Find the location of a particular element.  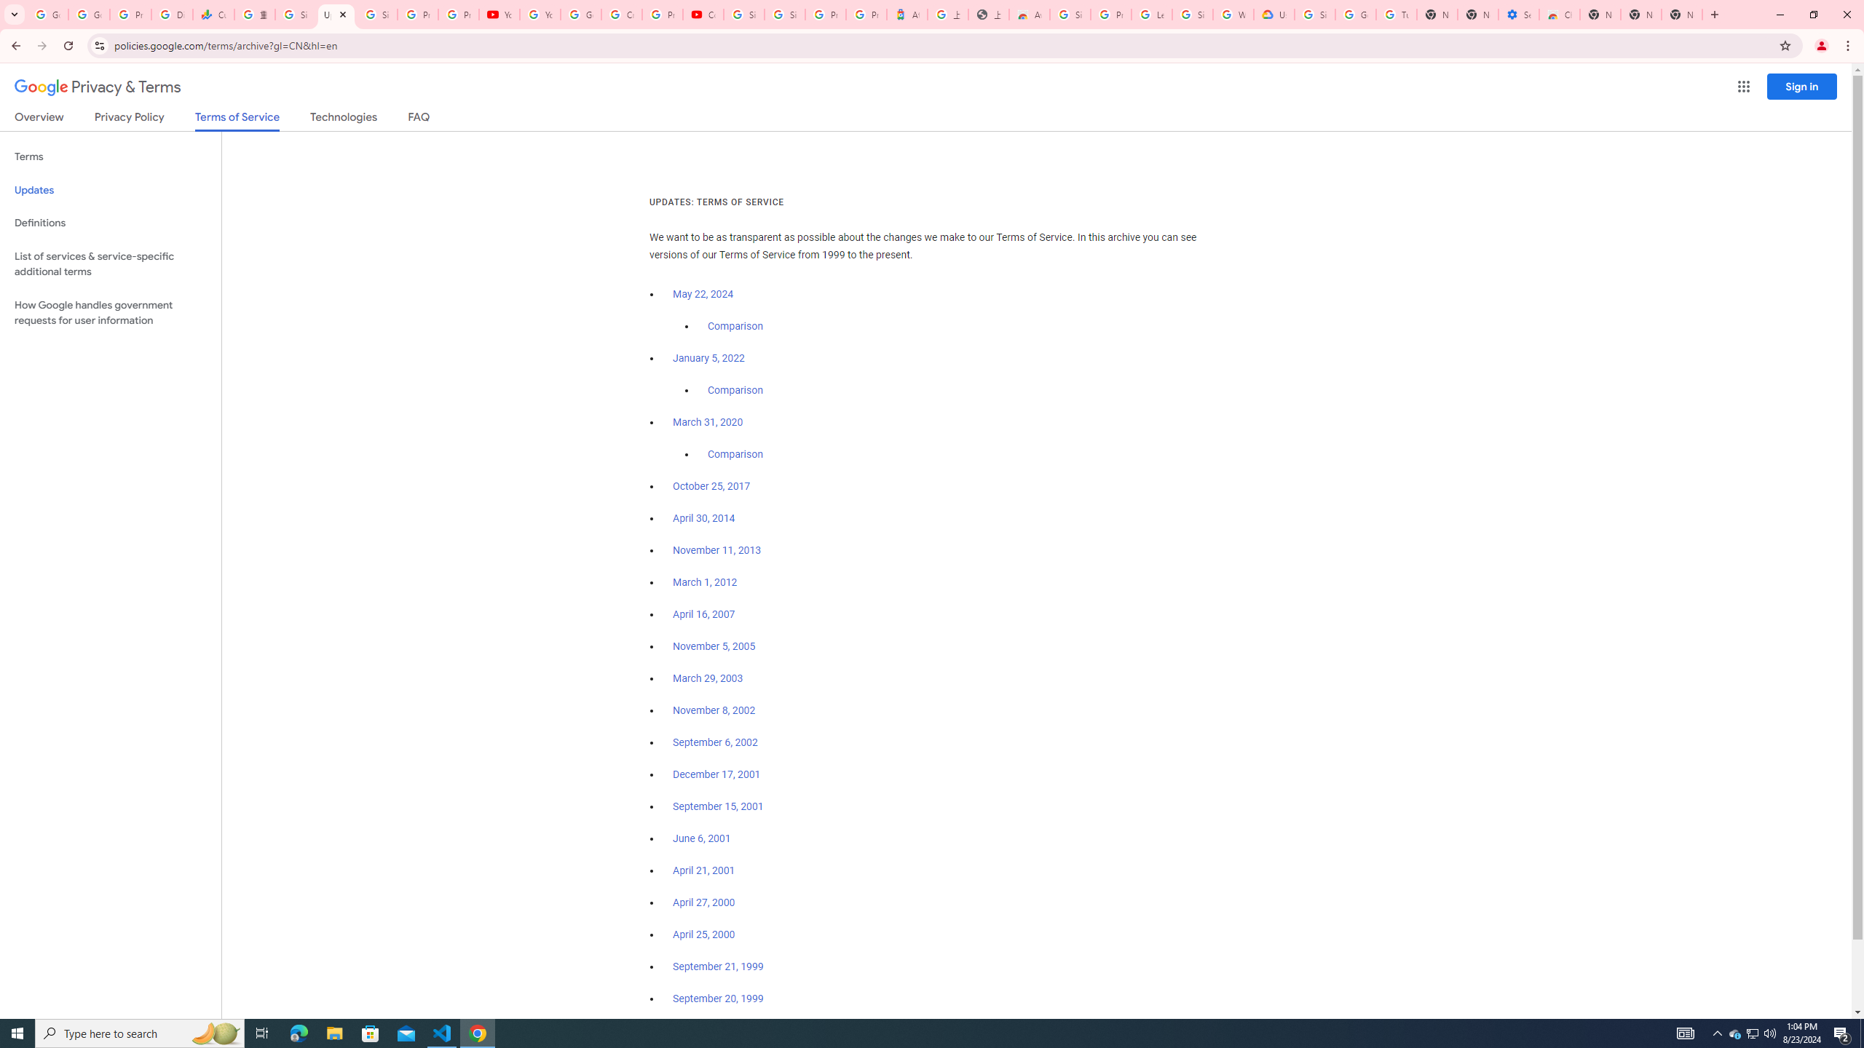

'Chrome Web Store - Accessibility extensions' is located at coordinates (1558, 14).